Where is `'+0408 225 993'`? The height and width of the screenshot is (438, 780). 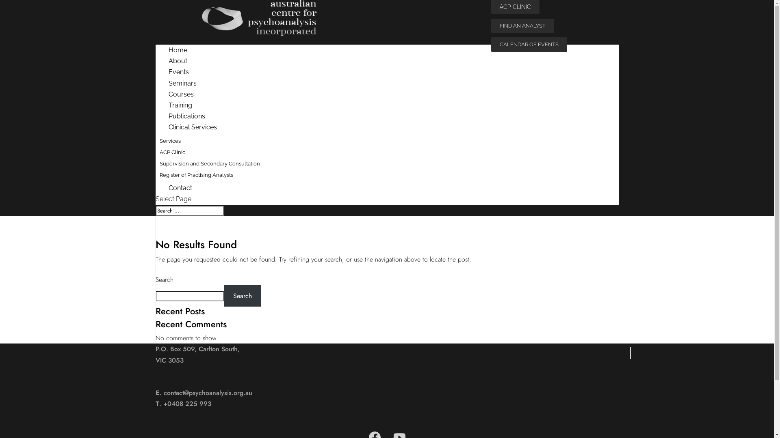
'+0408 225 993' is located at coordinates (186, 404).